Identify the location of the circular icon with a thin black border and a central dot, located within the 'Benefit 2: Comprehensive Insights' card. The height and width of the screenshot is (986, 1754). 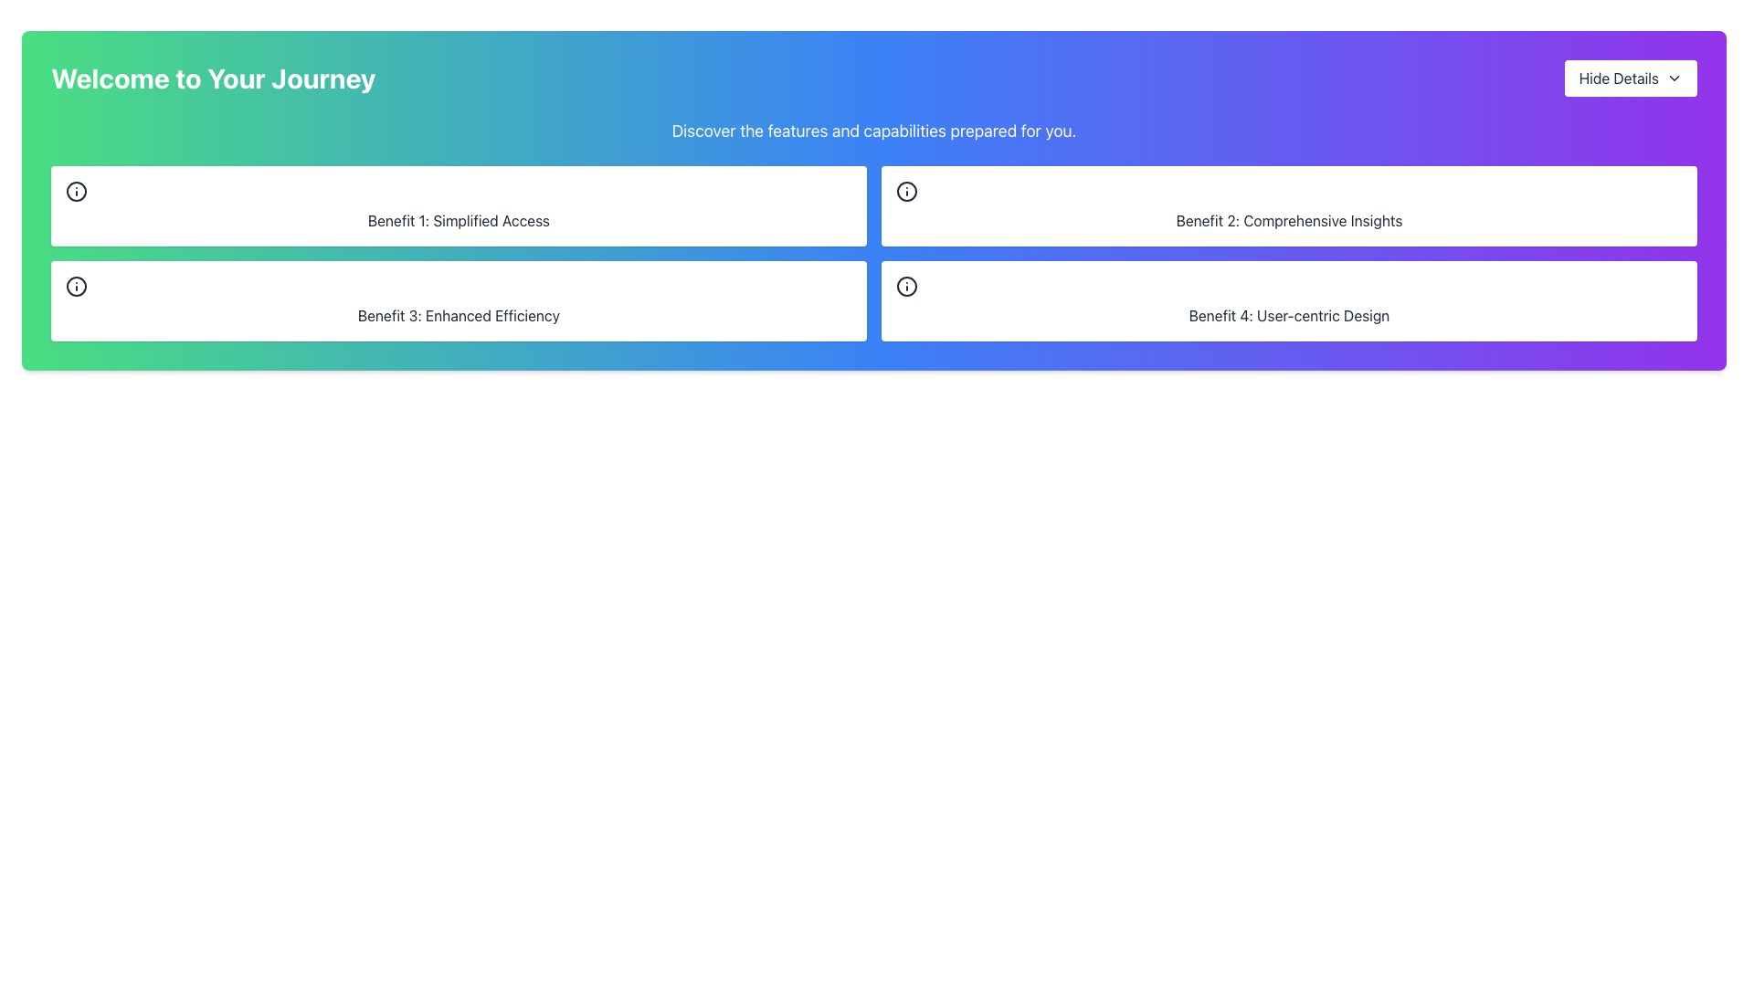
(907, 191).